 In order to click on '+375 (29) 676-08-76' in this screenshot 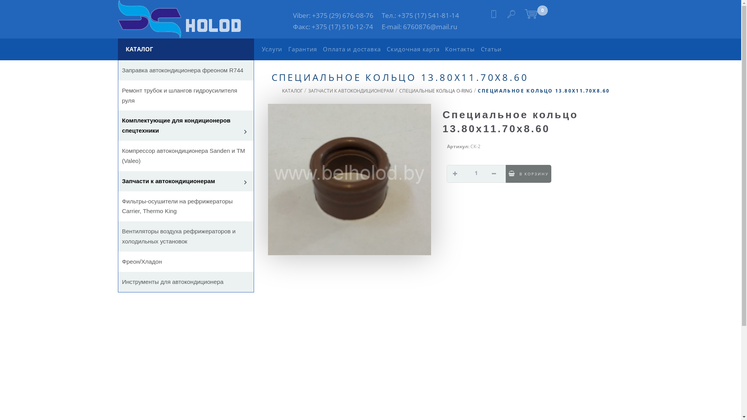, I will do `click(342, 15)`.